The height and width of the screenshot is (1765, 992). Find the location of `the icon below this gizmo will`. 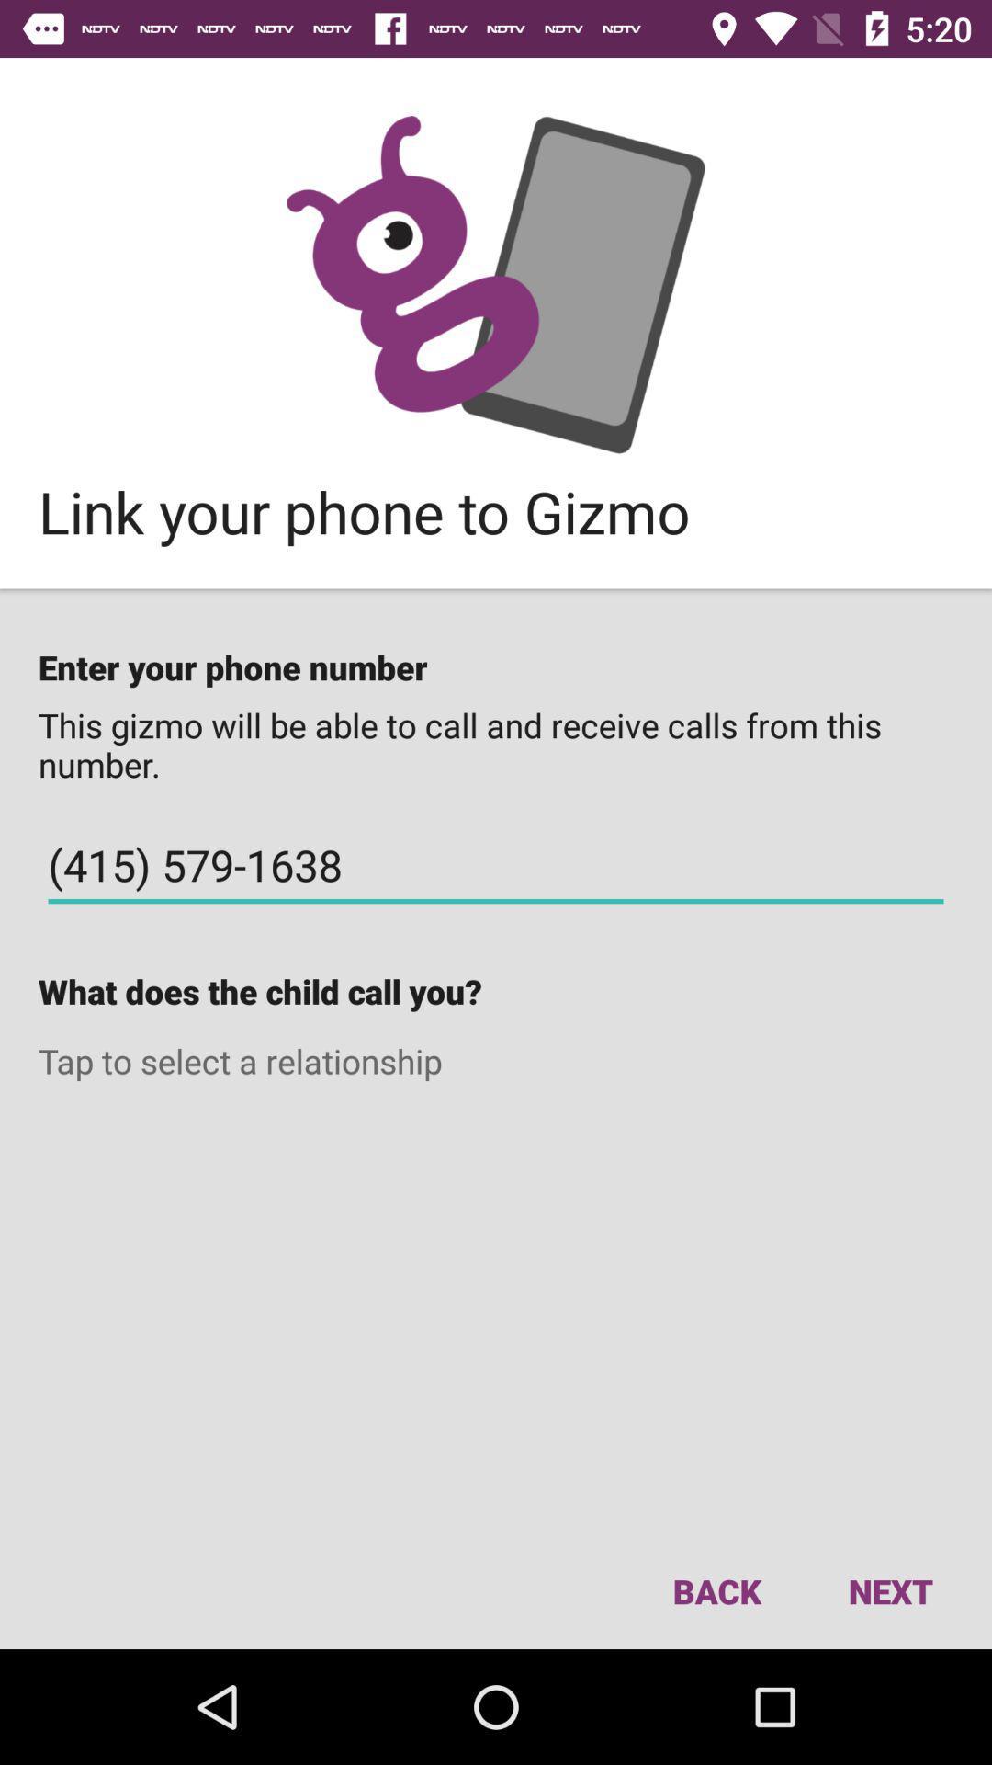

the icon below this gizmo will is located at coordinates (496, 864).